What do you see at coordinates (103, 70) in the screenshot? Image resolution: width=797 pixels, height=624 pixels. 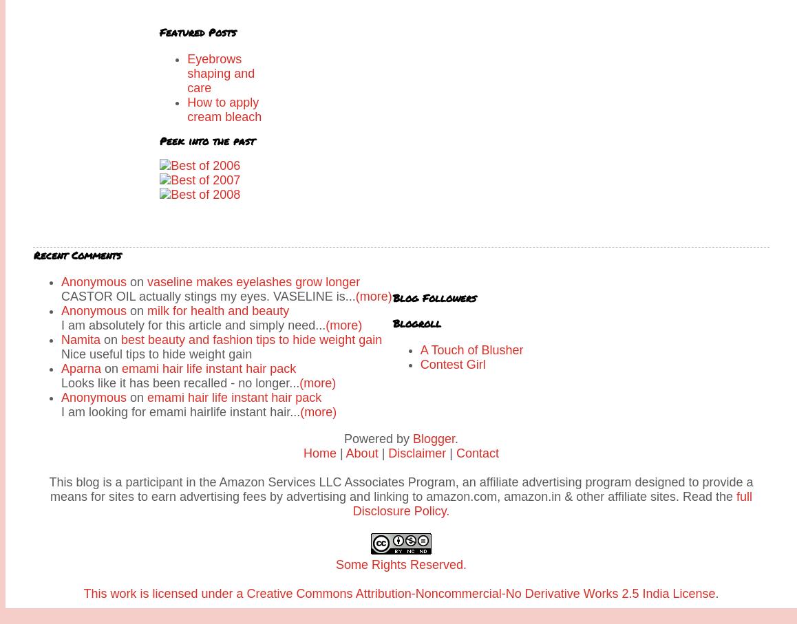 I see `'Vaseline makes eyelashes grow longer and thicker'` at bounding box center [103, 70].